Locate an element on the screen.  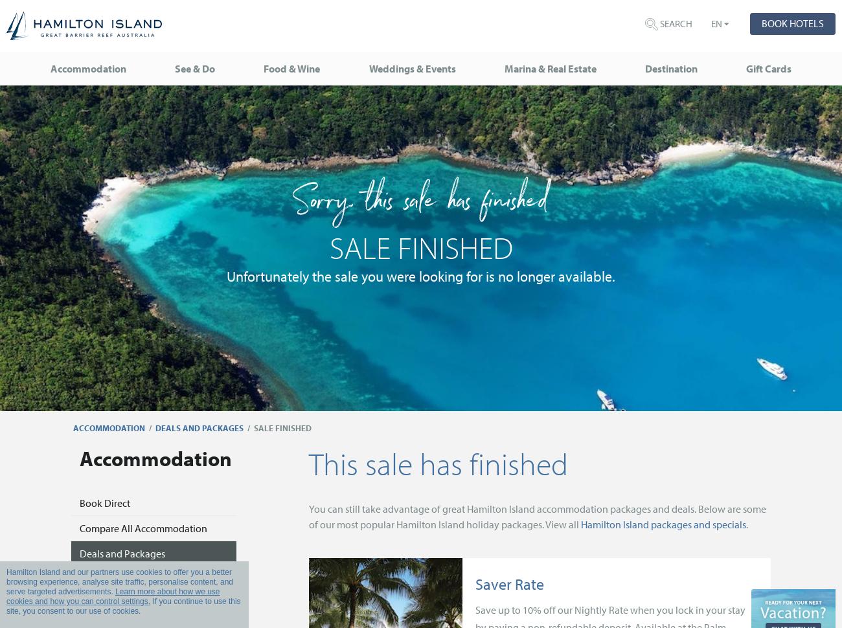
'Hamilton Island packages and specials' is located at coordinates (662, 523).